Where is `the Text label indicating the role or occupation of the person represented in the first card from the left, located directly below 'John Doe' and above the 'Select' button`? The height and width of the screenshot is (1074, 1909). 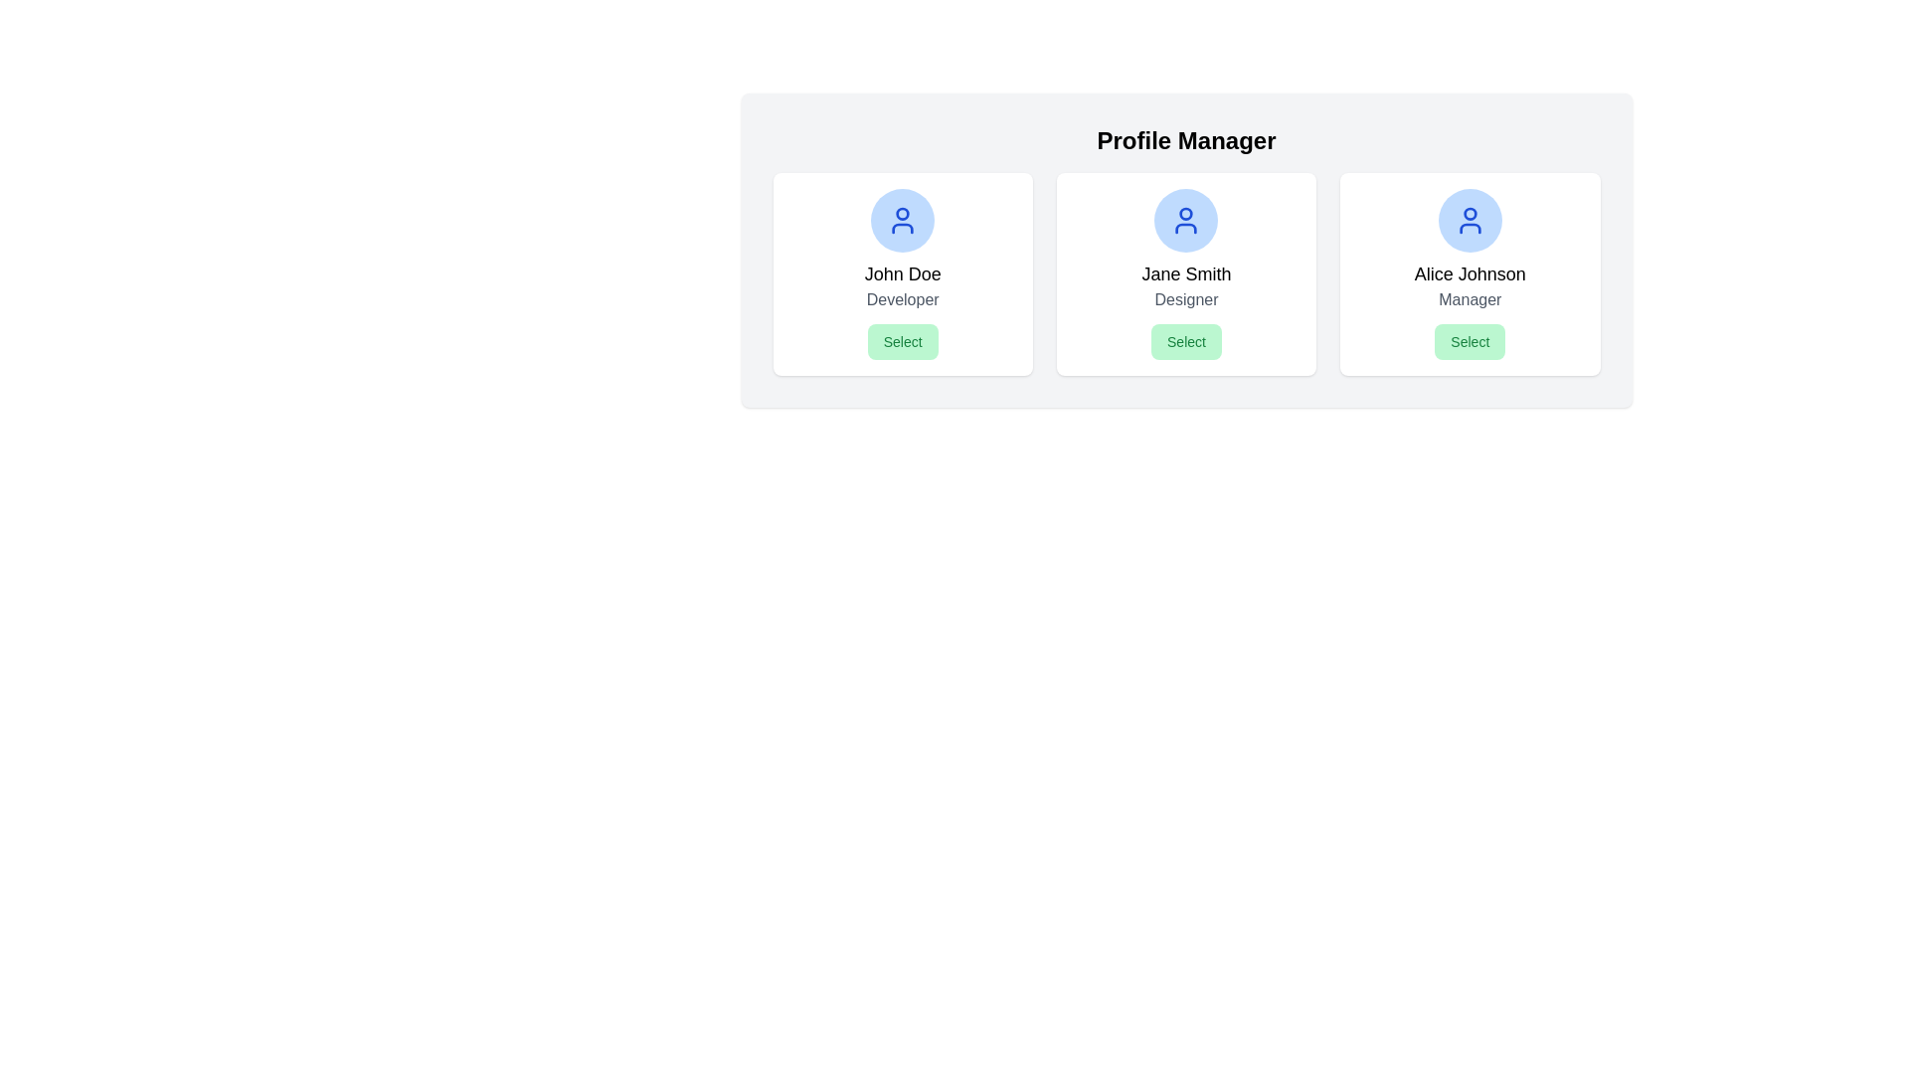 the Text label indicating the role or occupation of the person represented in the first card from the left, located directly below 'John Doe' and above the 'Select' button is located at coordinates (902, 299).